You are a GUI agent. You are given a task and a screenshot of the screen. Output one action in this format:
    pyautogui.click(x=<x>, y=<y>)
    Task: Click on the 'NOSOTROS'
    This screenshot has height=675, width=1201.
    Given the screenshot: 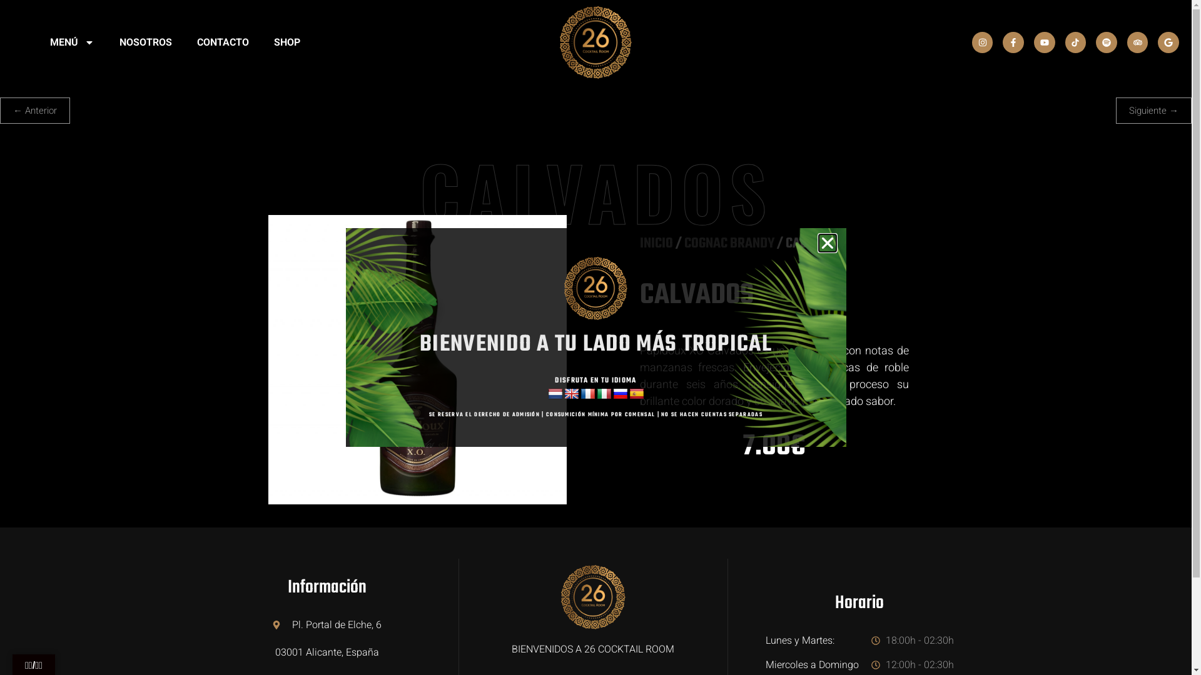 What is the action you would take?
    pyautogui.click(x=146, y=42)
    